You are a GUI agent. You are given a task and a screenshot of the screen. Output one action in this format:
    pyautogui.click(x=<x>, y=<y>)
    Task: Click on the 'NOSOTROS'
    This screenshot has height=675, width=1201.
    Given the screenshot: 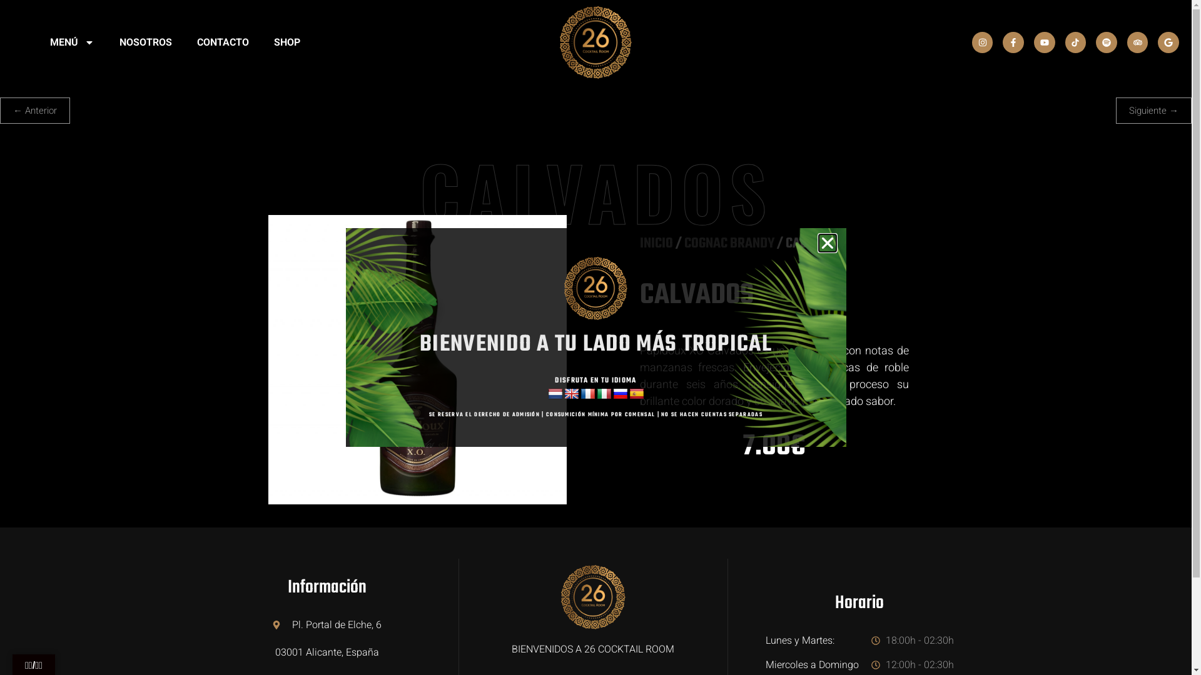 What is the action you would take?
    pyautogui.click(x=146, y=42)
    